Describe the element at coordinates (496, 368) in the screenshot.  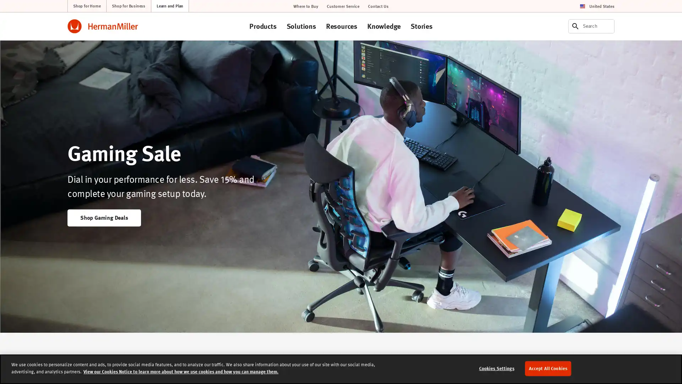
I see `Cookies Settings` at that location.